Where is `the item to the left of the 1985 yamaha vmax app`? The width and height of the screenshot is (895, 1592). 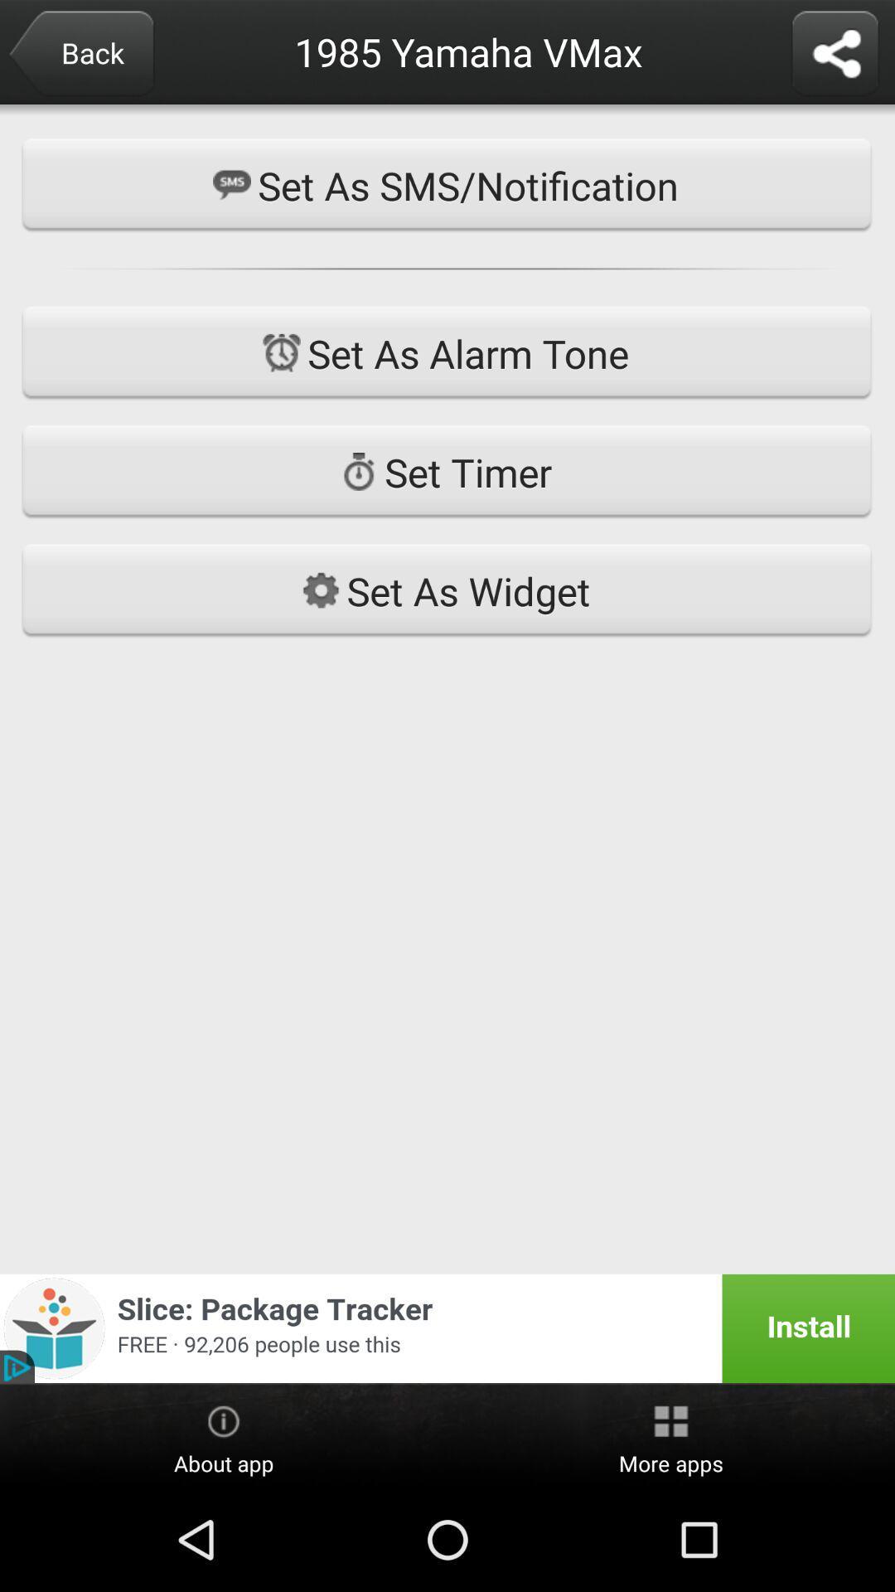 the item to the left of the 1985 yamaha vmax app is located at coordinates (80, 55).